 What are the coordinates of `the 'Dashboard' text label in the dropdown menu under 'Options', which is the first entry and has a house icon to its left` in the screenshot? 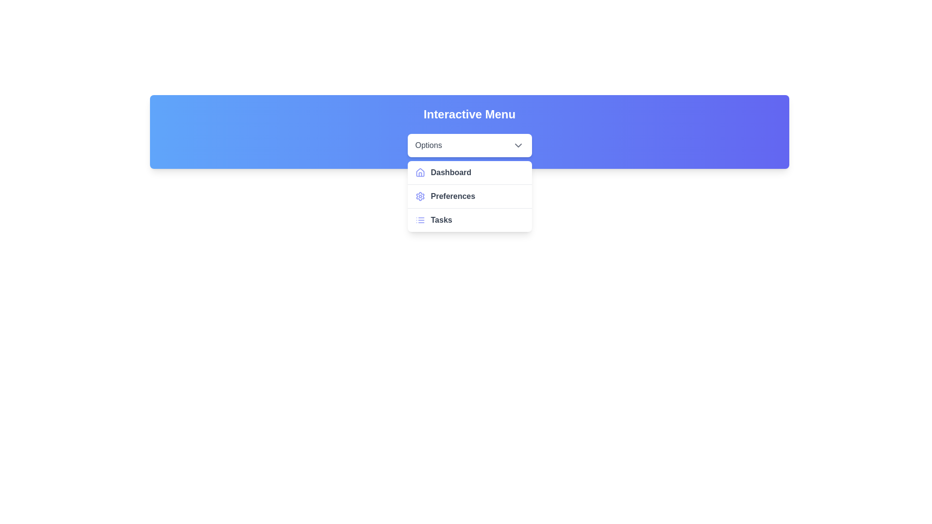 It's located at (450, 172).